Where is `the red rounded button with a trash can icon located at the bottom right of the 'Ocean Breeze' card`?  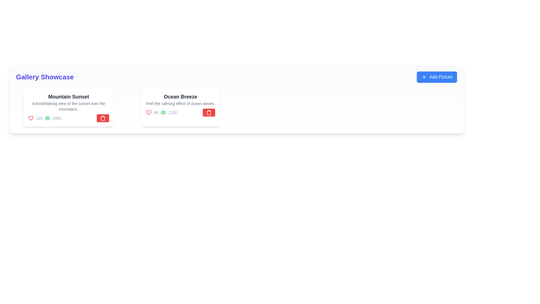
the red rounded button with a trash can icon located at the bottom right of the 'Ocean Breeze' card is located at coordinates (208, 113).